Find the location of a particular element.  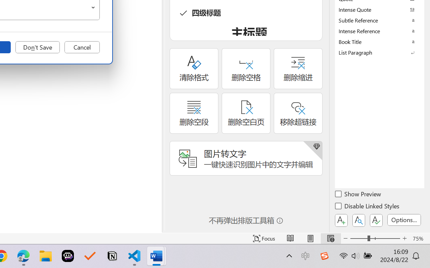

'Disable Linked Styles' is located at coordinates (368, 207).